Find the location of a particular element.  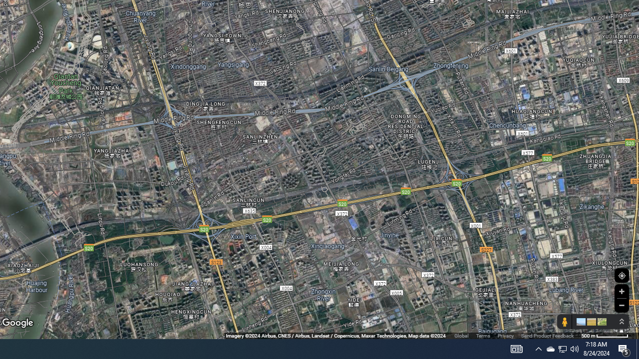

'Zoom out' is located at coordinates (621, 305).